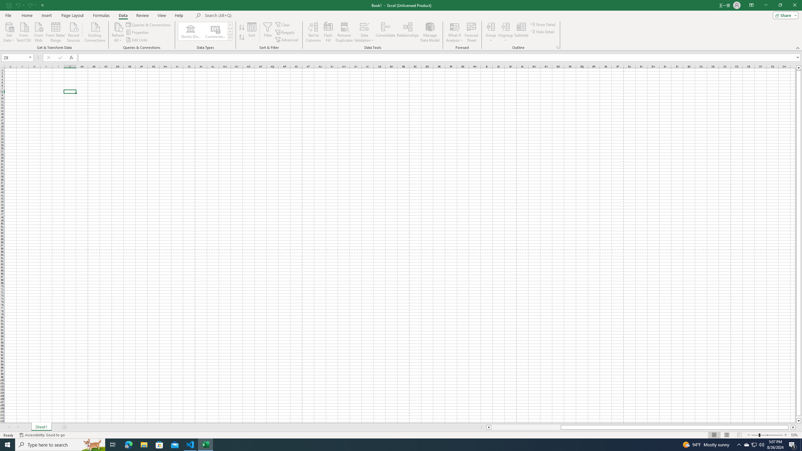 This screenshot has height=451, width=802. I want to click on 'Advanced...', so click(287, 40).